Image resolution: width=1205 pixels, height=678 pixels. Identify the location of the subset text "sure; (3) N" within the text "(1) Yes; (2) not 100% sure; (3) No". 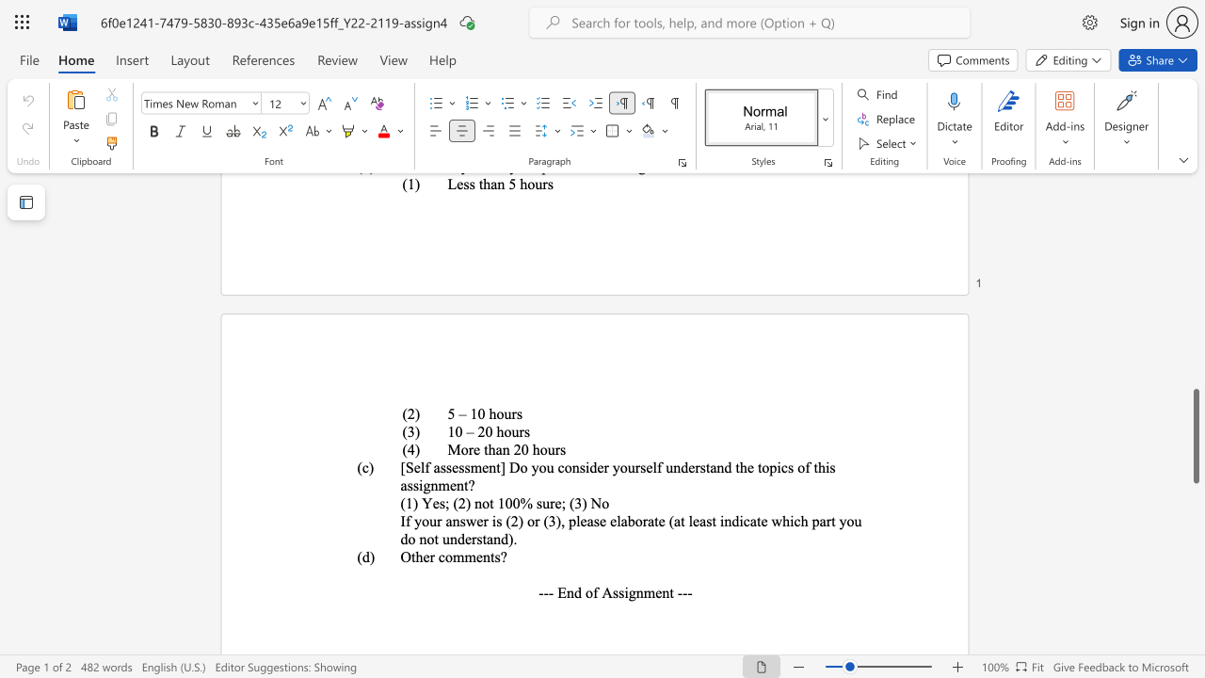
(535, 502).